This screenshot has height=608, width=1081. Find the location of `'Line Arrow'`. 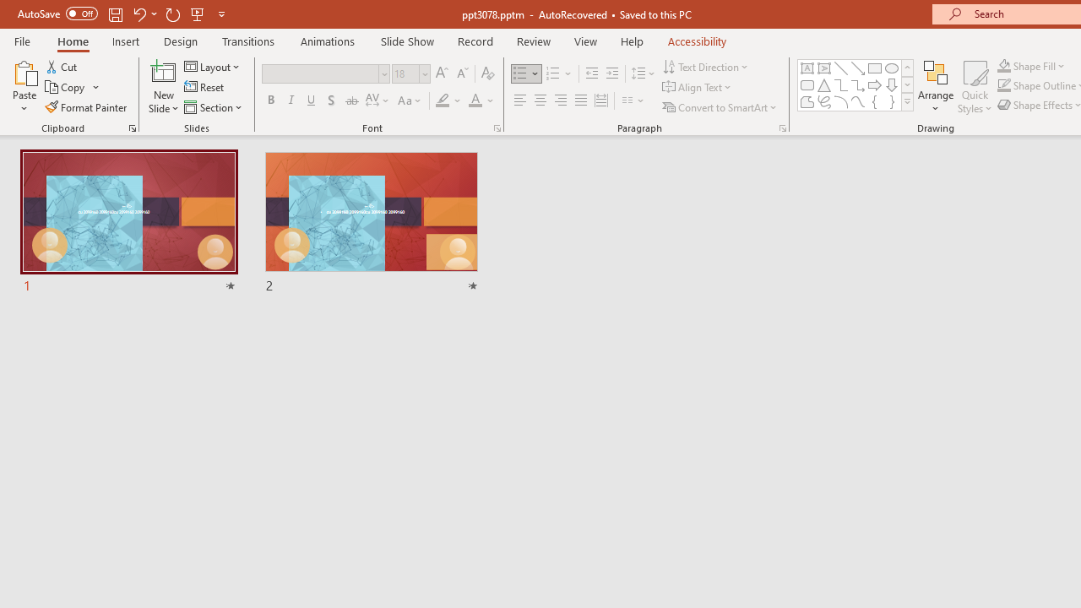

'Line Arrow' is located at coordinates (858, 68).